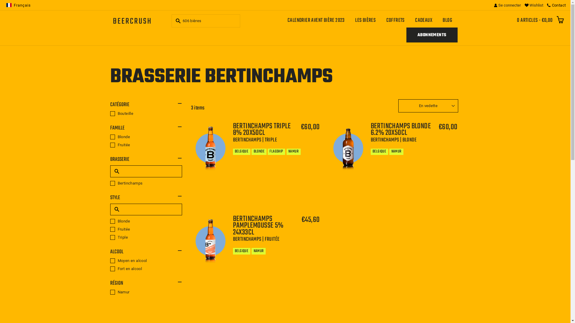  Describe the element at coordinates (447, 20) in the screenshot. I see `'BLOG'` at that location.